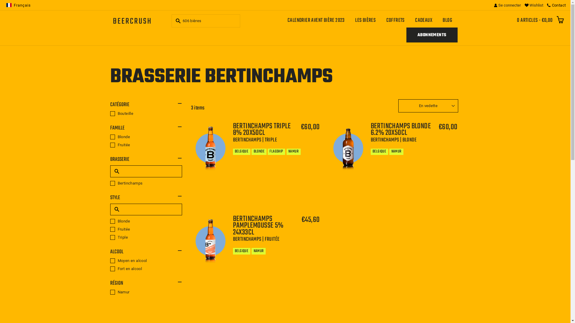  Describe the element at coordinates (447, 20) in the screenshot. I see `'BLOG'` at that location.